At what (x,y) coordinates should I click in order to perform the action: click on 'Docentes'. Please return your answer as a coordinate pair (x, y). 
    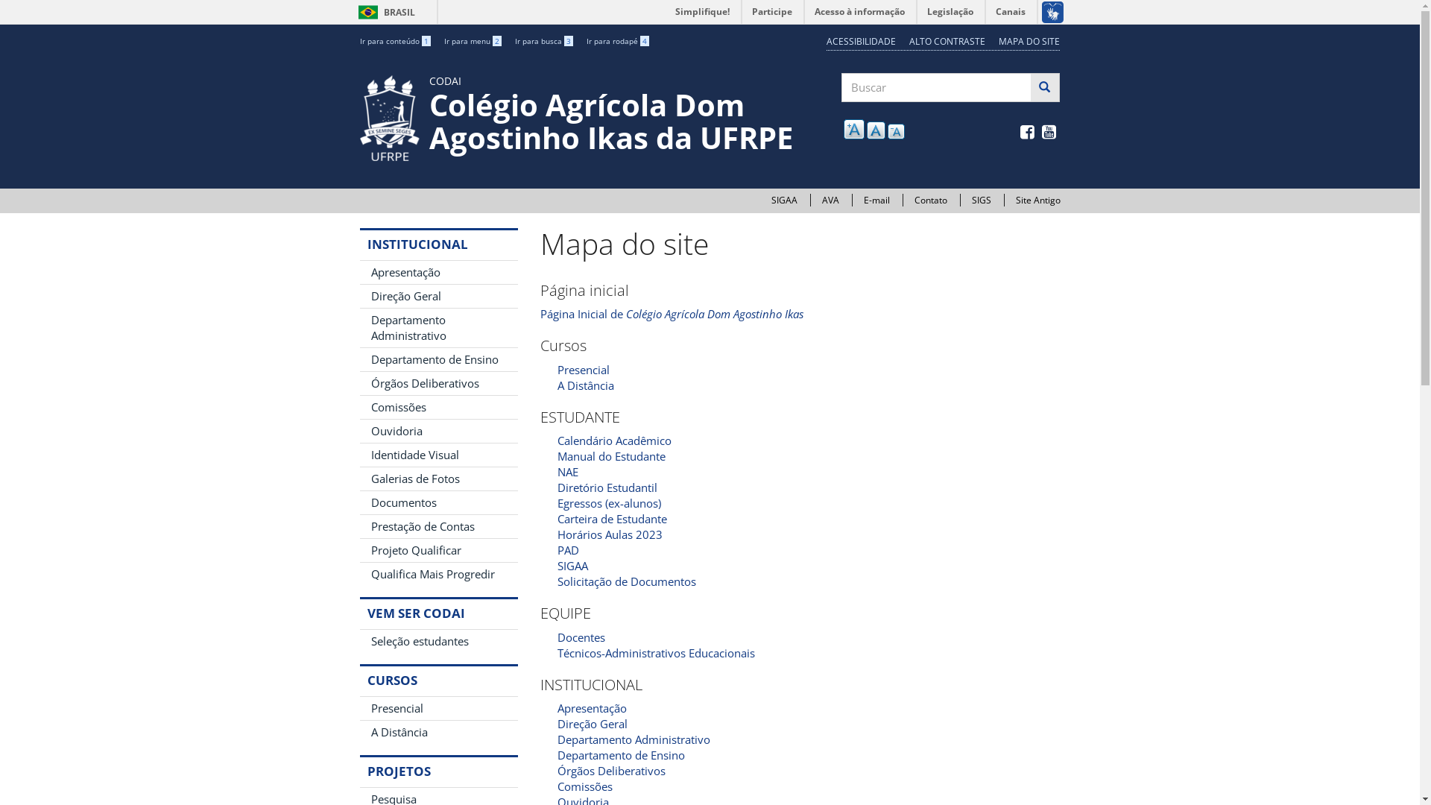
    Looking at the image, I should click on (580, 637).